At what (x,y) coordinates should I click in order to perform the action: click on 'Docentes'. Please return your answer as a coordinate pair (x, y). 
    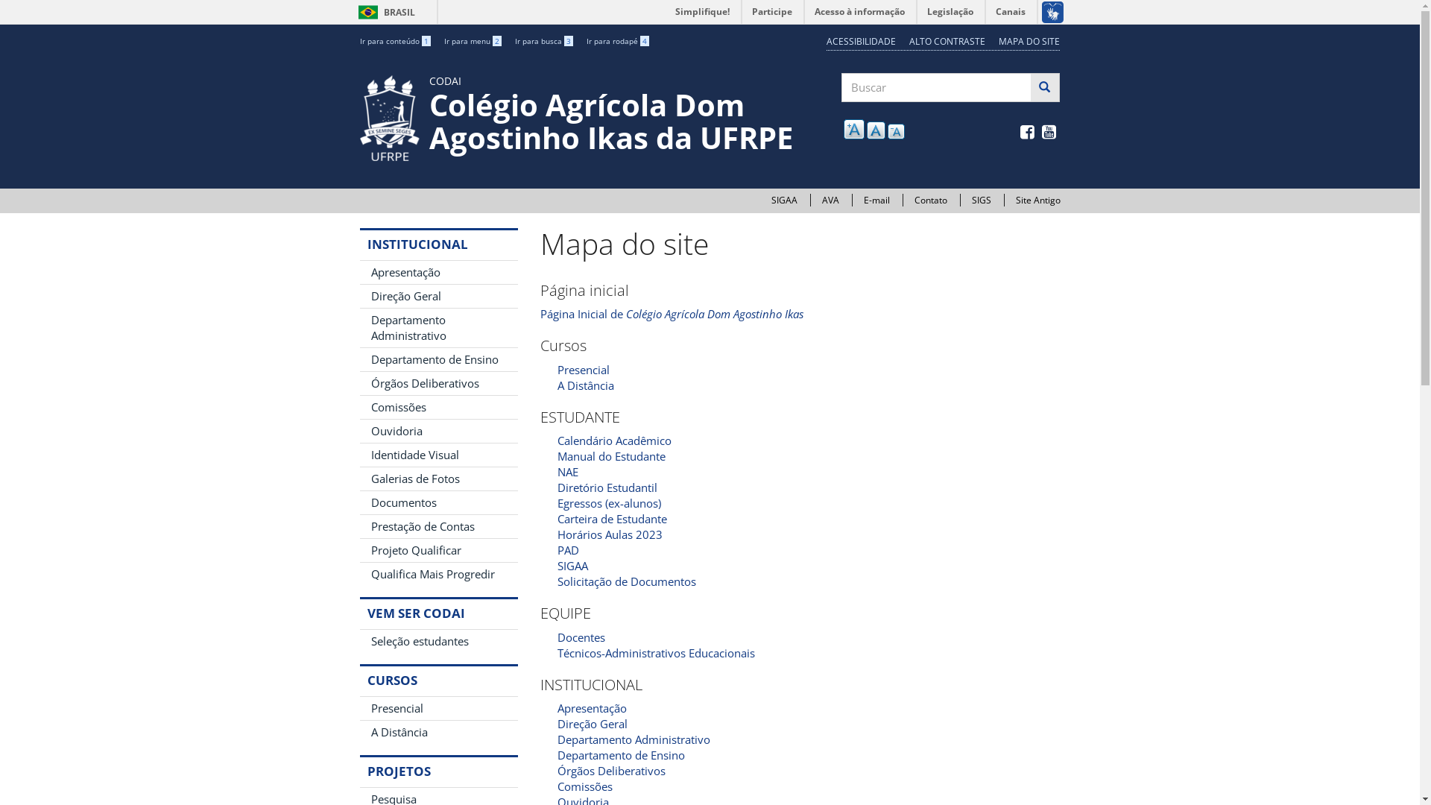
    Looking at the image, I should click on (580, 637).